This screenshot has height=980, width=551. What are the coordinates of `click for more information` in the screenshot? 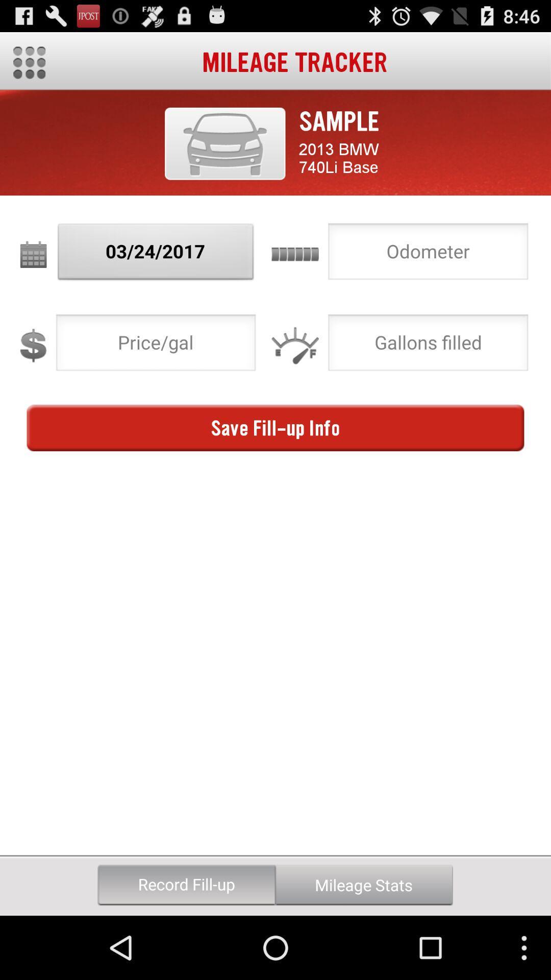 It's located at (224, 143).